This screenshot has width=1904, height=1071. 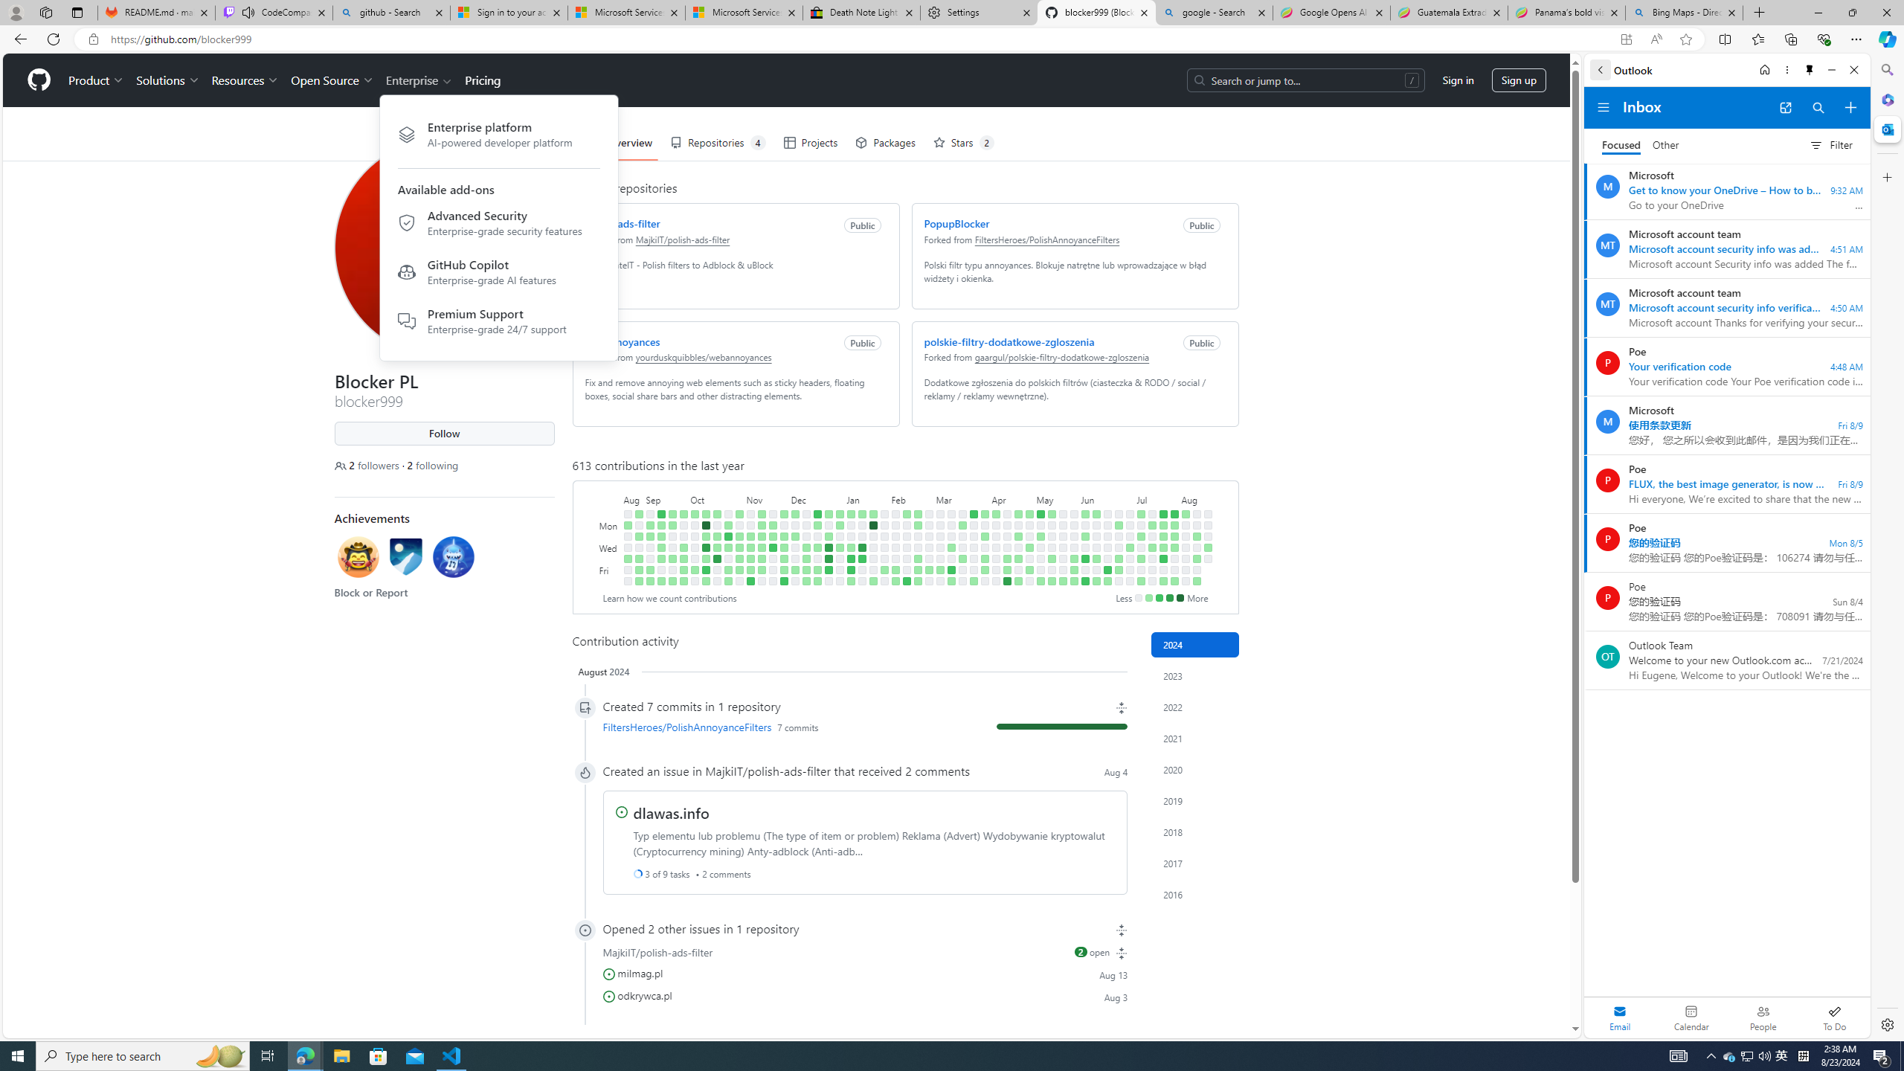 I want to click on 'No contributions on April 26th.', so click(x=1017, y=569).